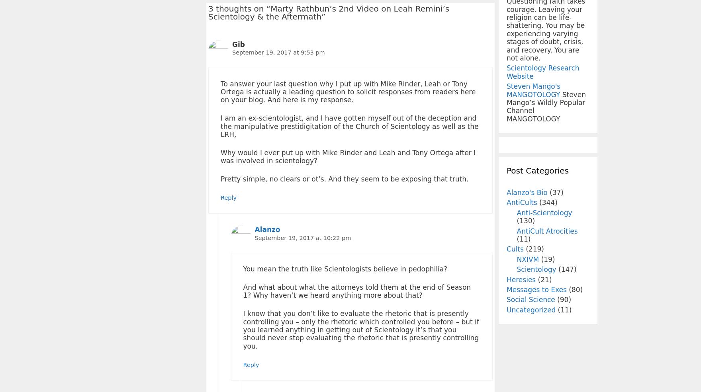 Image resolution: width=701 pixels, height=392 pixels. What do you see at coordinates (547, 203) in the screenshot?
I see `'(344)'` at bounding box center [547, 203].